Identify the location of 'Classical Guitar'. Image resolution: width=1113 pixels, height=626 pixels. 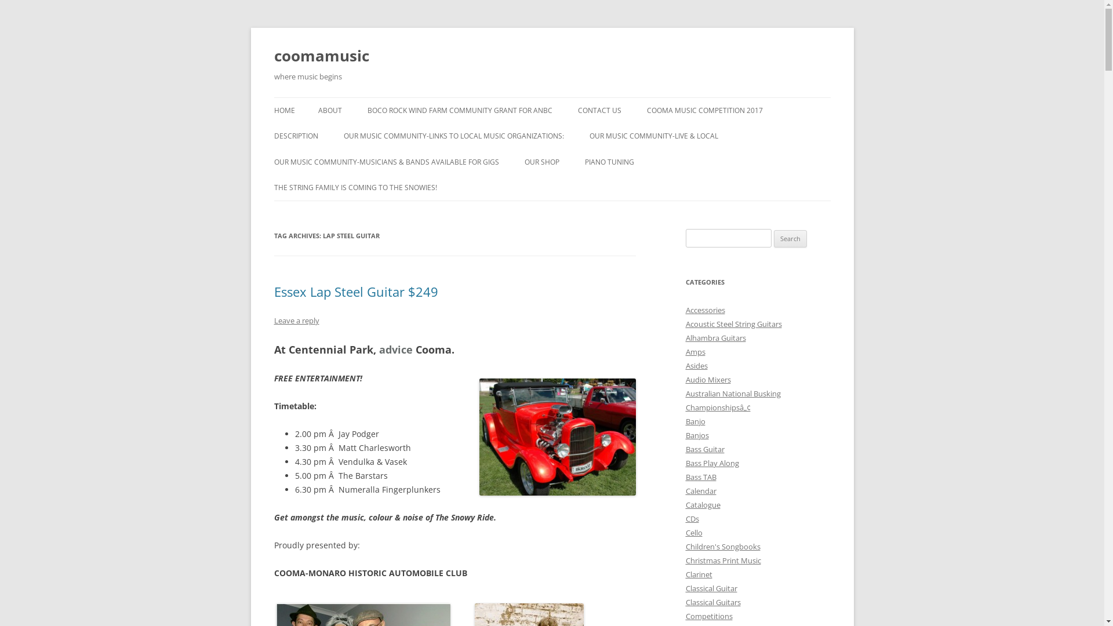
(685, 588).